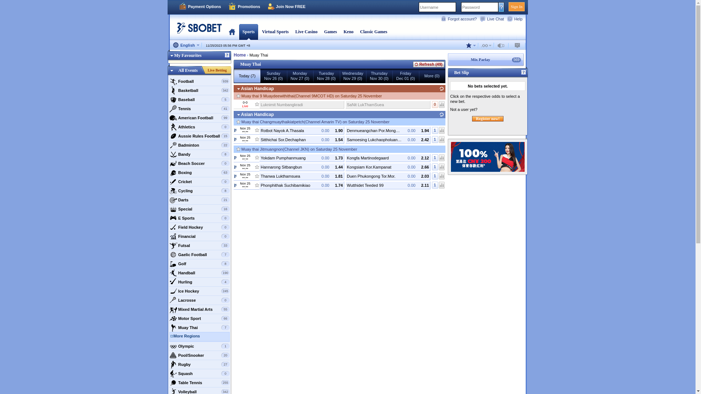 This screenshot has height=394, width=701. I want to click on '1', so click(435, 139).